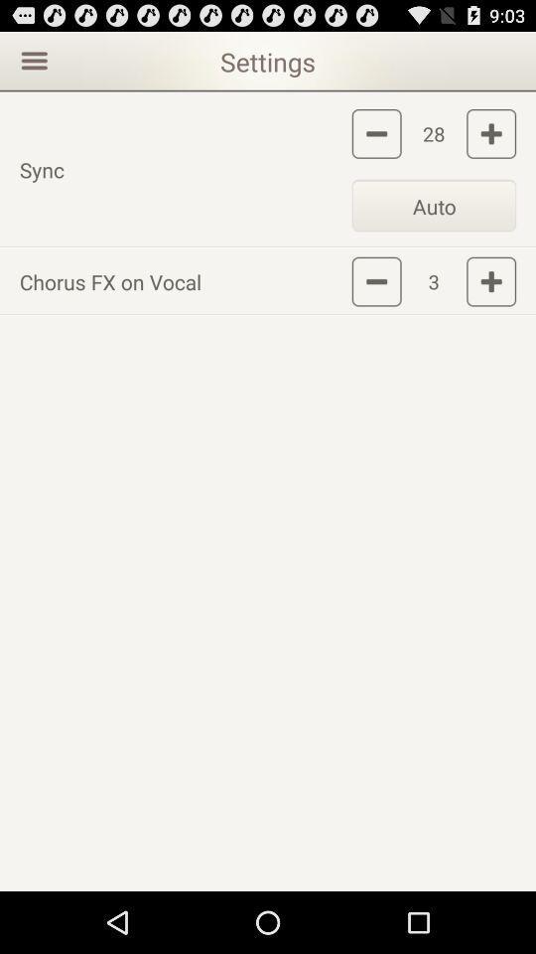 This screenshot has width=536, height=954. Describe the element at coordinates (490, 280) in the screenshot. I see `increase chorus fx on vocal` at that location.